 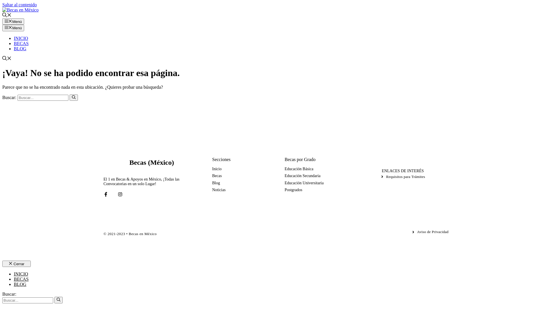 I want to click on 'BLOG', so click(x=14, y=284).